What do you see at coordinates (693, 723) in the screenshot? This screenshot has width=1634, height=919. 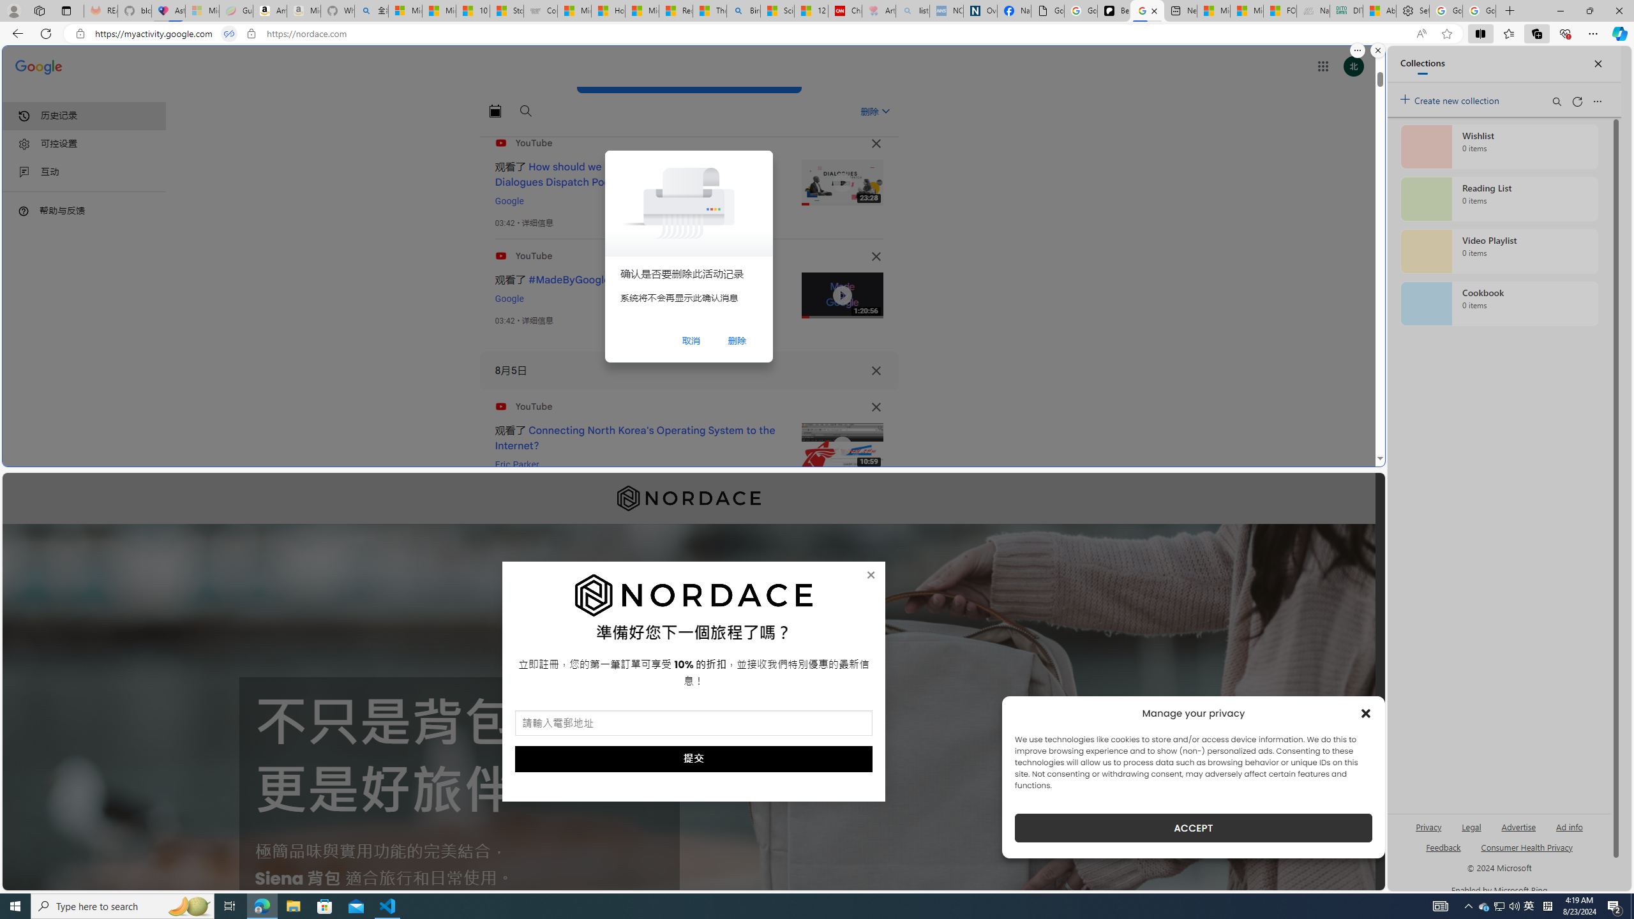 I see `'AutomationID: input_5_1'` at bounding box center [693, 723].